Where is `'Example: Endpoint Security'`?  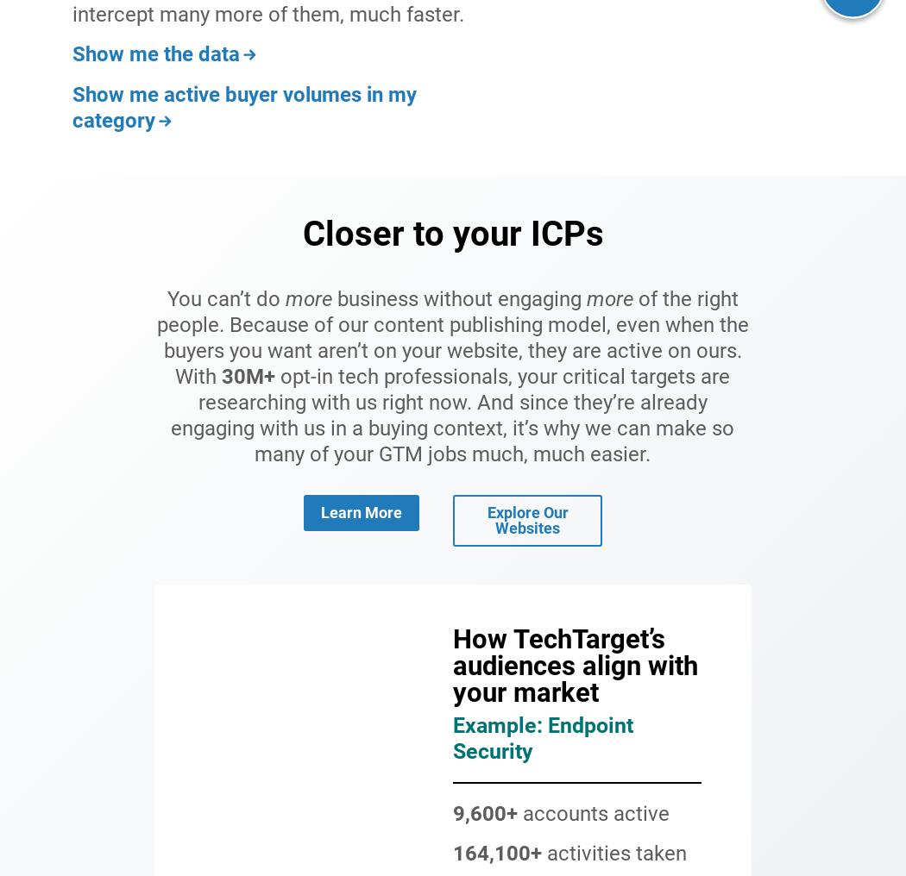
'Example: Endpoint Security' is located at coordinates (543, 737).